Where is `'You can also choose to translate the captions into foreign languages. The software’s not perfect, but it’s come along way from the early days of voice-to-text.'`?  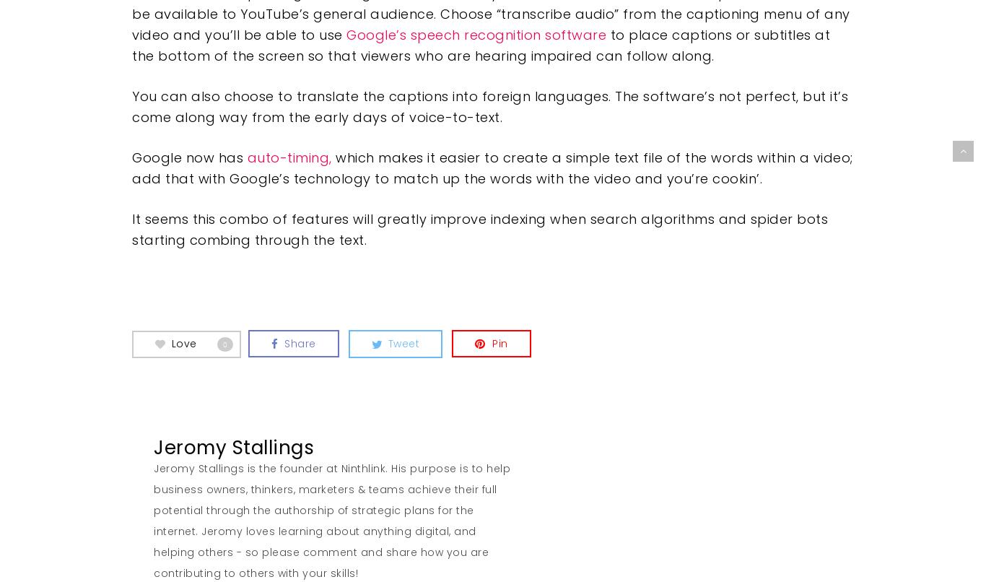
'You can also choose to translate the captions into foreign languages. The software’s not perfect, but it’s come along way from the early days of voice-to-text.' is located at coordinates (489, 106).